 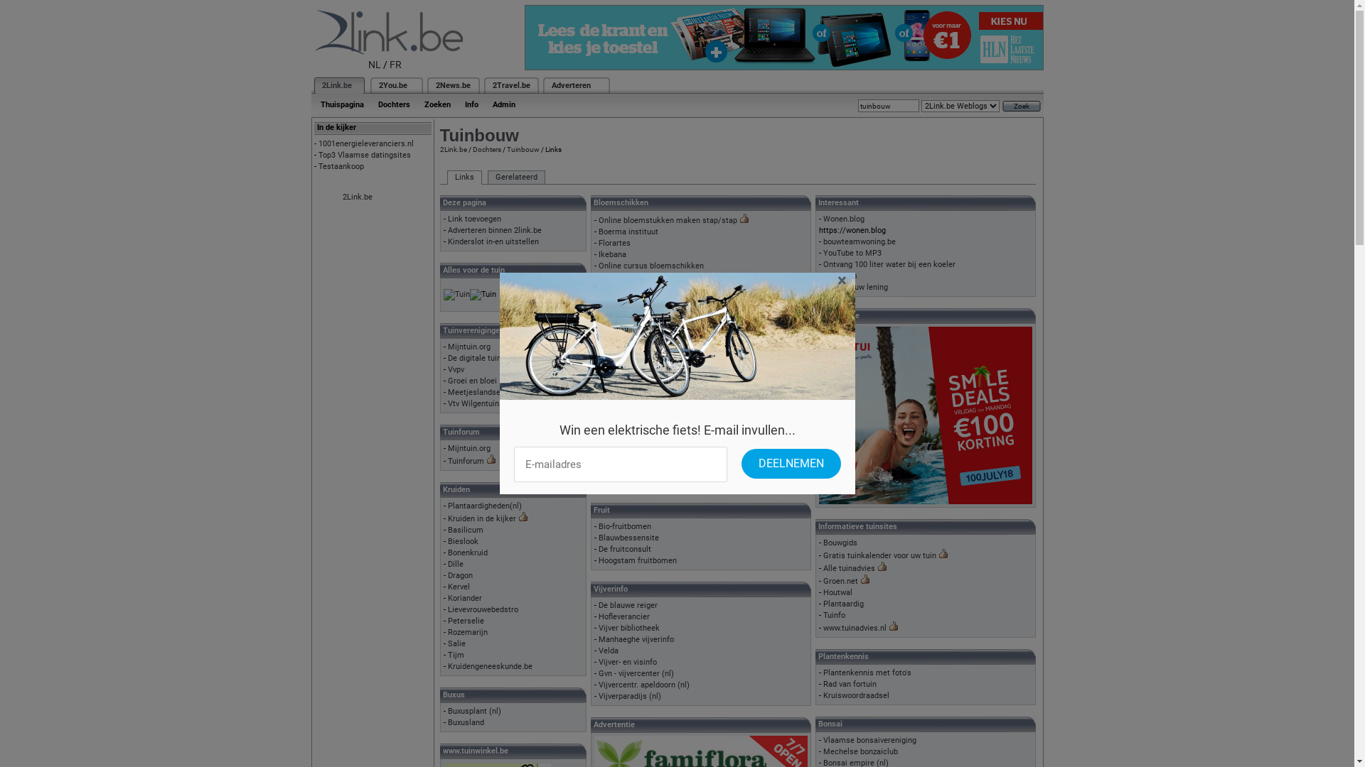 What do you see at coordinates (854, 627) in the screenshot?
I see `'www.tuinadvies.nl'` at bounding box center [854, 627].